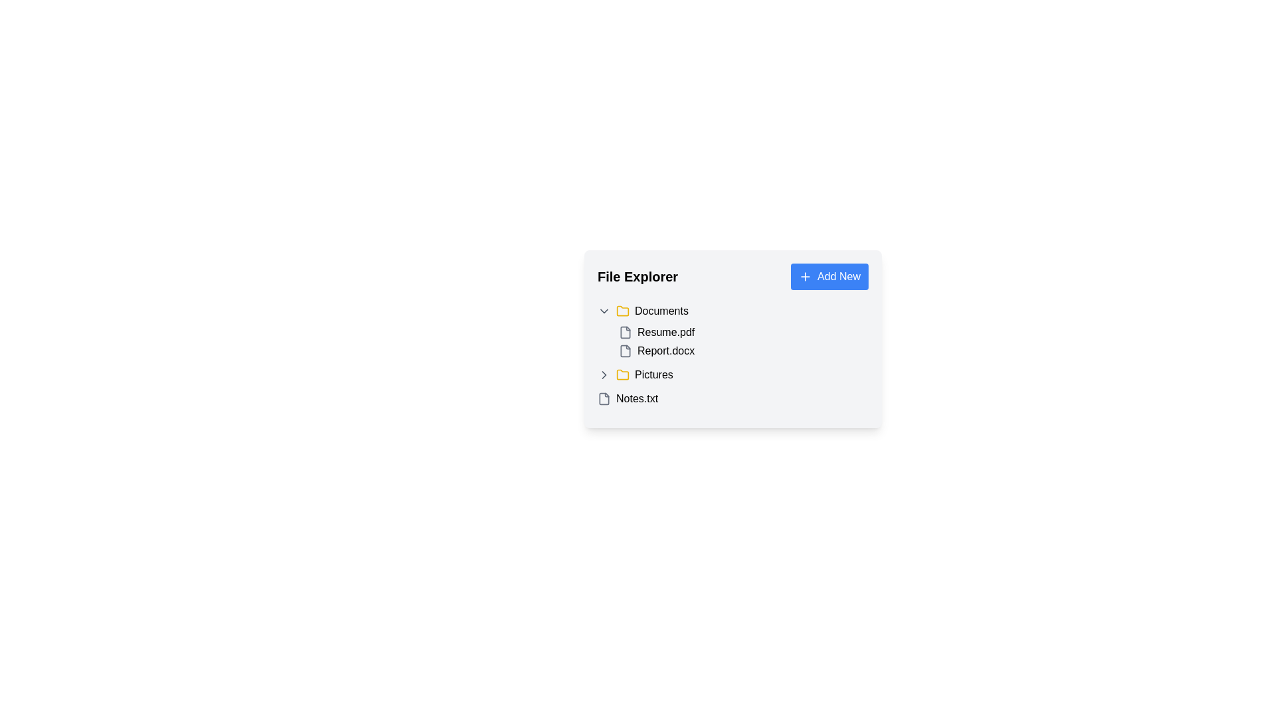 The image size is (1275, 717). What do you see at coordinates (624, 350) in the screenshot?
I see `the document file icon representing 'Report.docx' in the file list under 'File Explorer'` at bounding box center [624, 350].